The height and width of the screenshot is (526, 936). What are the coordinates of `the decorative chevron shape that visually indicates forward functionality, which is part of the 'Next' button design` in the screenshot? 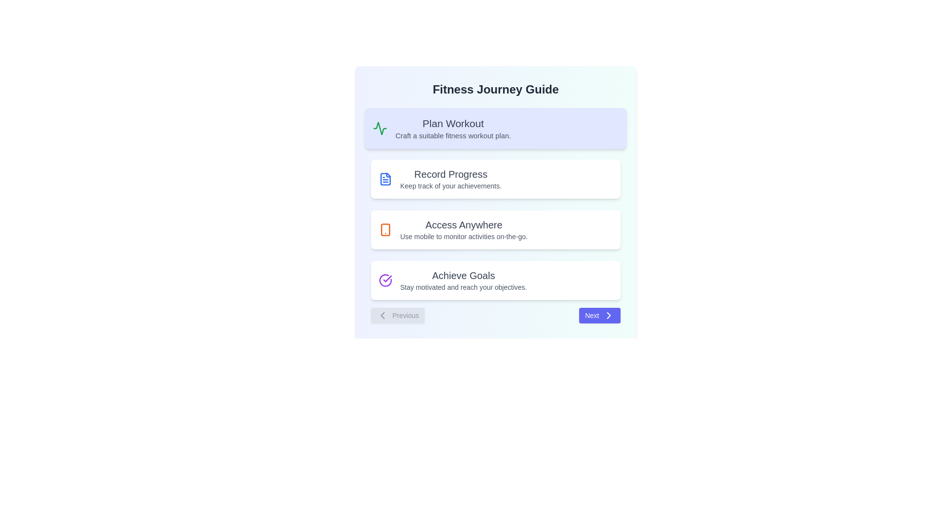 It's located at (608, 316).